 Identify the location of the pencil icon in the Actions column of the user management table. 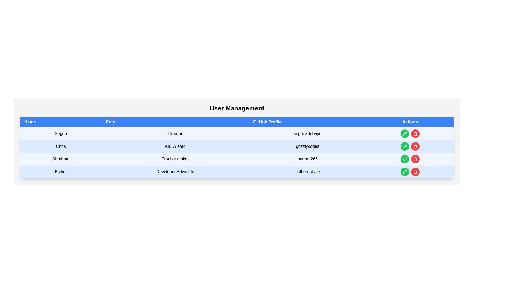
(404, 172).